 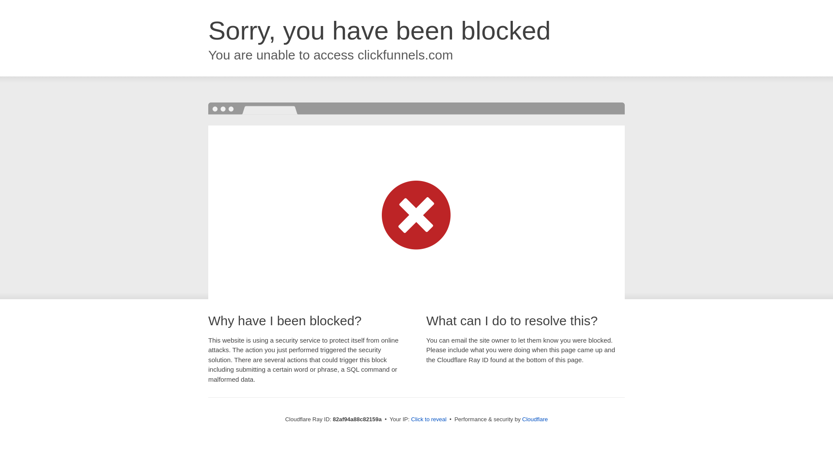 I want to click on 'Cloudflare', so click(x=535, y=419).